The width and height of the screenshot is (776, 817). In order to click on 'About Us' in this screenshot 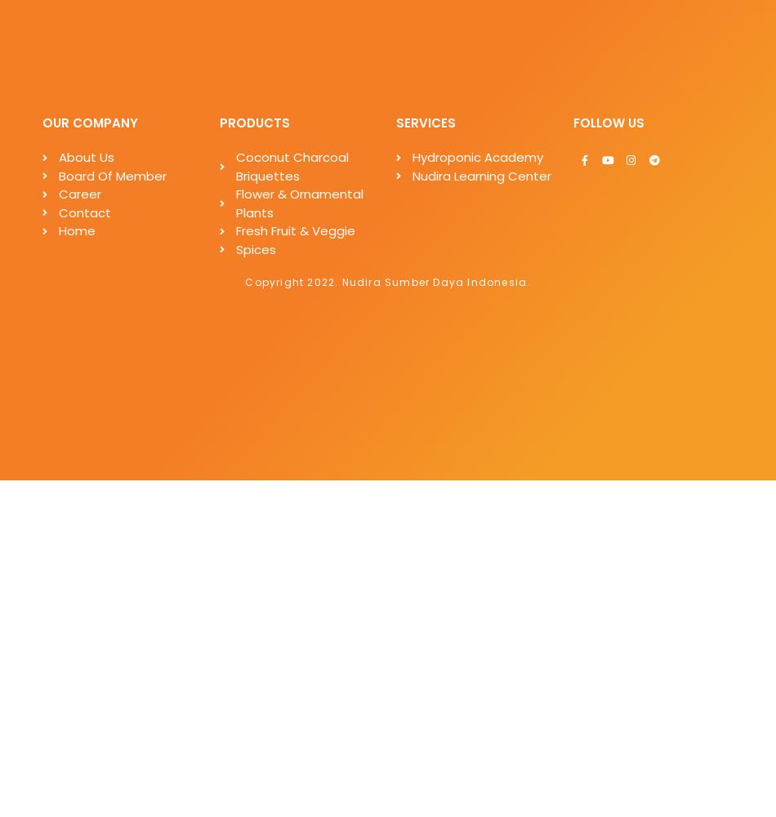, I will do `click(87, 156)`.